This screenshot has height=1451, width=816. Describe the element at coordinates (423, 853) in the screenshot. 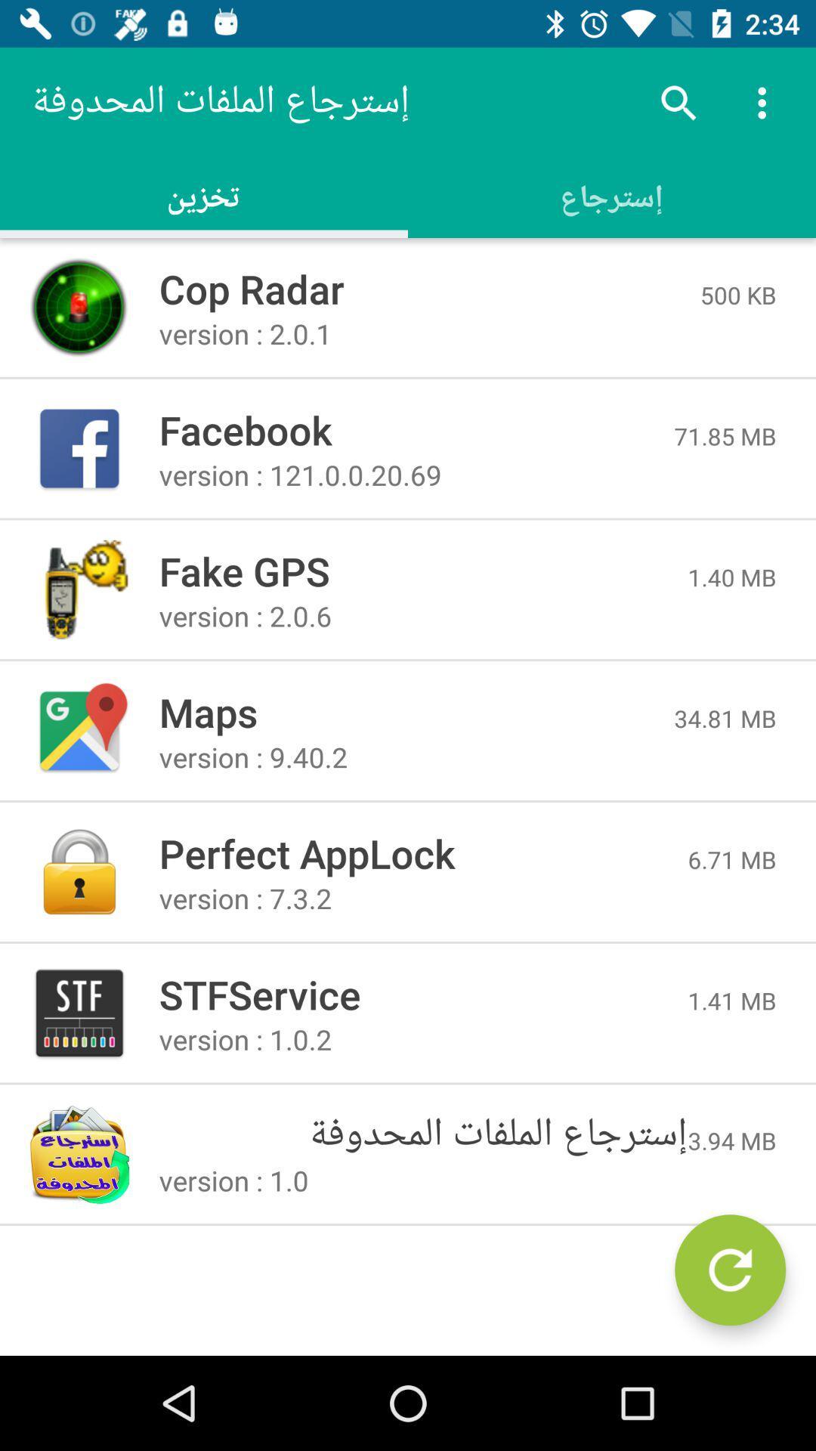

I see `icon to the left of 6.71 mb icon` at that location.